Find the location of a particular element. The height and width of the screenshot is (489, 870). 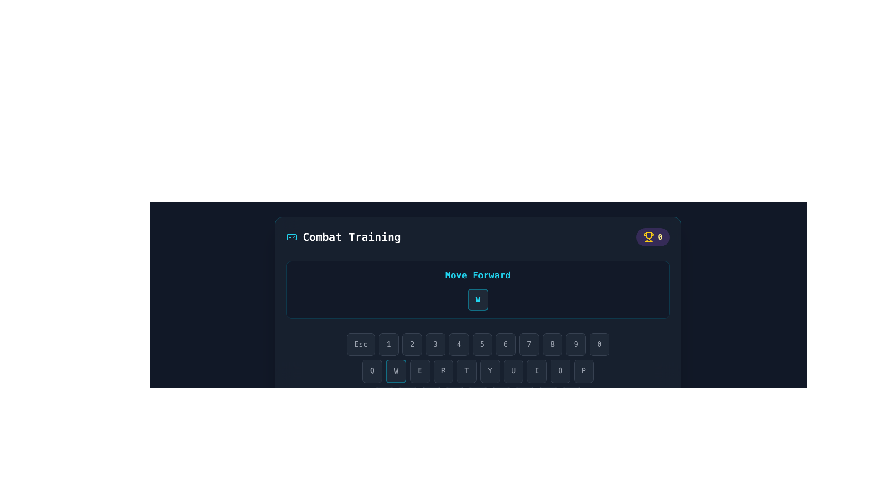

the square button labeled 'I' with a gray background, which is the eighth button in the row of buttons spelling 'QWERTYUIOP', to initiate its action is located at coordinates (537, 371).